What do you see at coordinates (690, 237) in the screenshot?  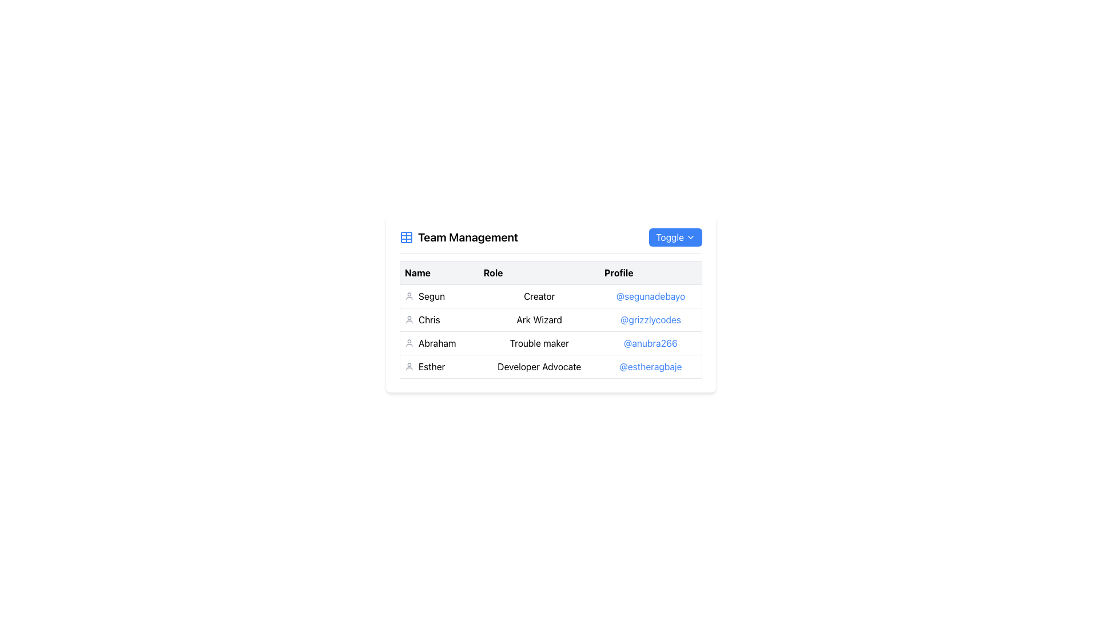 I see `the icon located inside the 'Toggle' button to the right of the text label 'Toggle' in the 'Team Management' widget` at bounding box center [690, 237].